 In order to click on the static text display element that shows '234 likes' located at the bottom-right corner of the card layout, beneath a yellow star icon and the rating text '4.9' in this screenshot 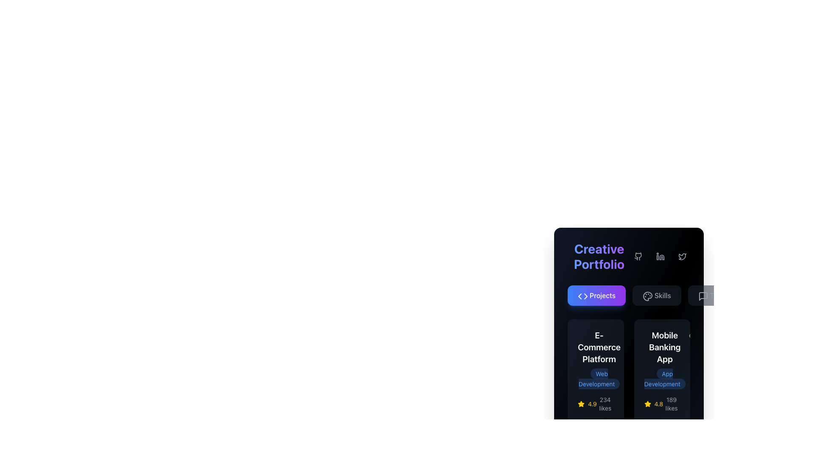, I will do `click(605, 403)`.